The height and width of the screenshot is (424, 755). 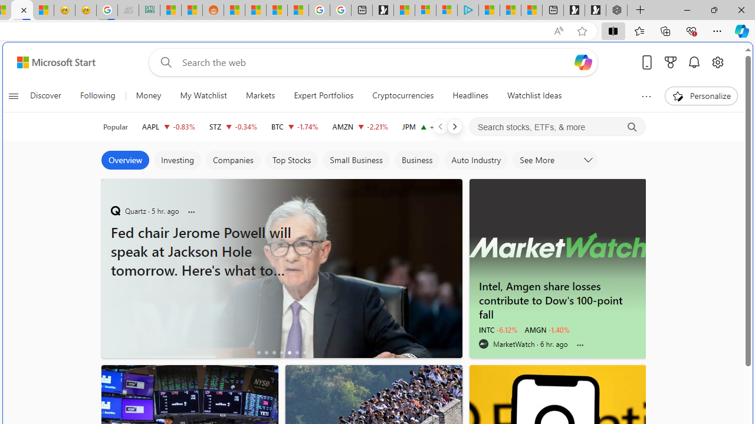 I want to click on 'Search stocks, ETFs, & more', so click(x=557, y=127).